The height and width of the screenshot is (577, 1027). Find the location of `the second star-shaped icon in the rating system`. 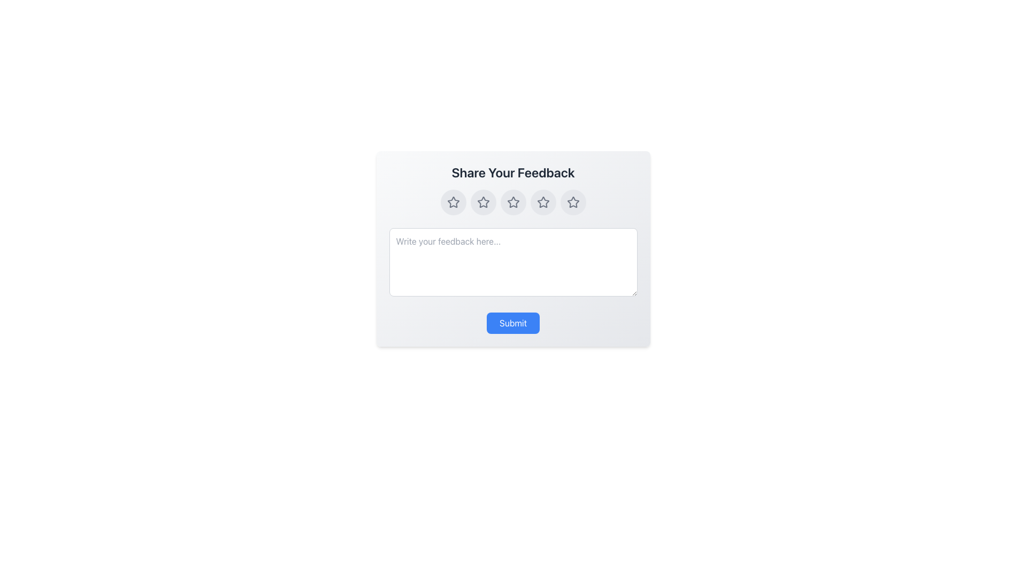

the second star-shaped icon in the rating system is located at coordinates (482, 202).